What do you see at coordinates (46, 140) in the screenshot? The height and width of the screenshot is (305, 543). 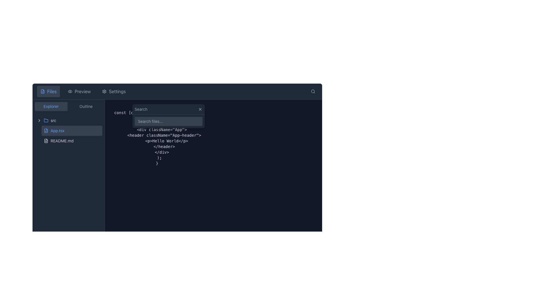 I see `the 'README.md' file icon in the file explorer section, which visually represents the file type as text or document-based, located in the left sidebar` at bounding box center [46, 140].